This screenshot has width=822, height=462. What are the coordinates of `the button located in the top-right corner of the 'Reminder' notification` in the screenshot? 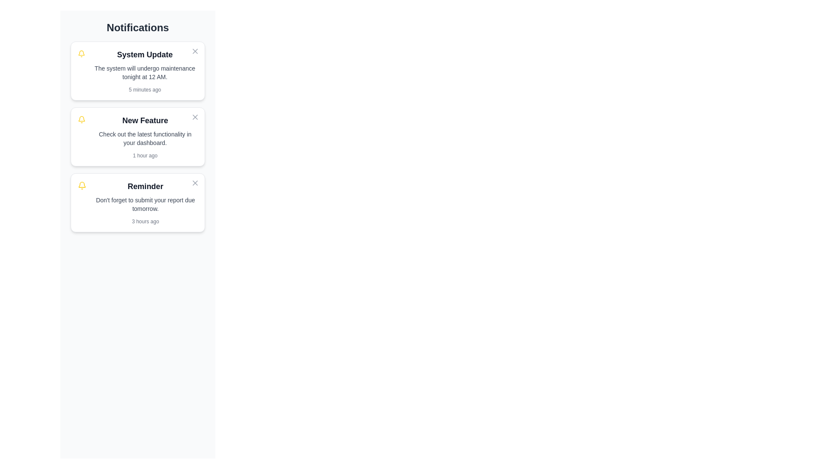 It's located at (195, 183).